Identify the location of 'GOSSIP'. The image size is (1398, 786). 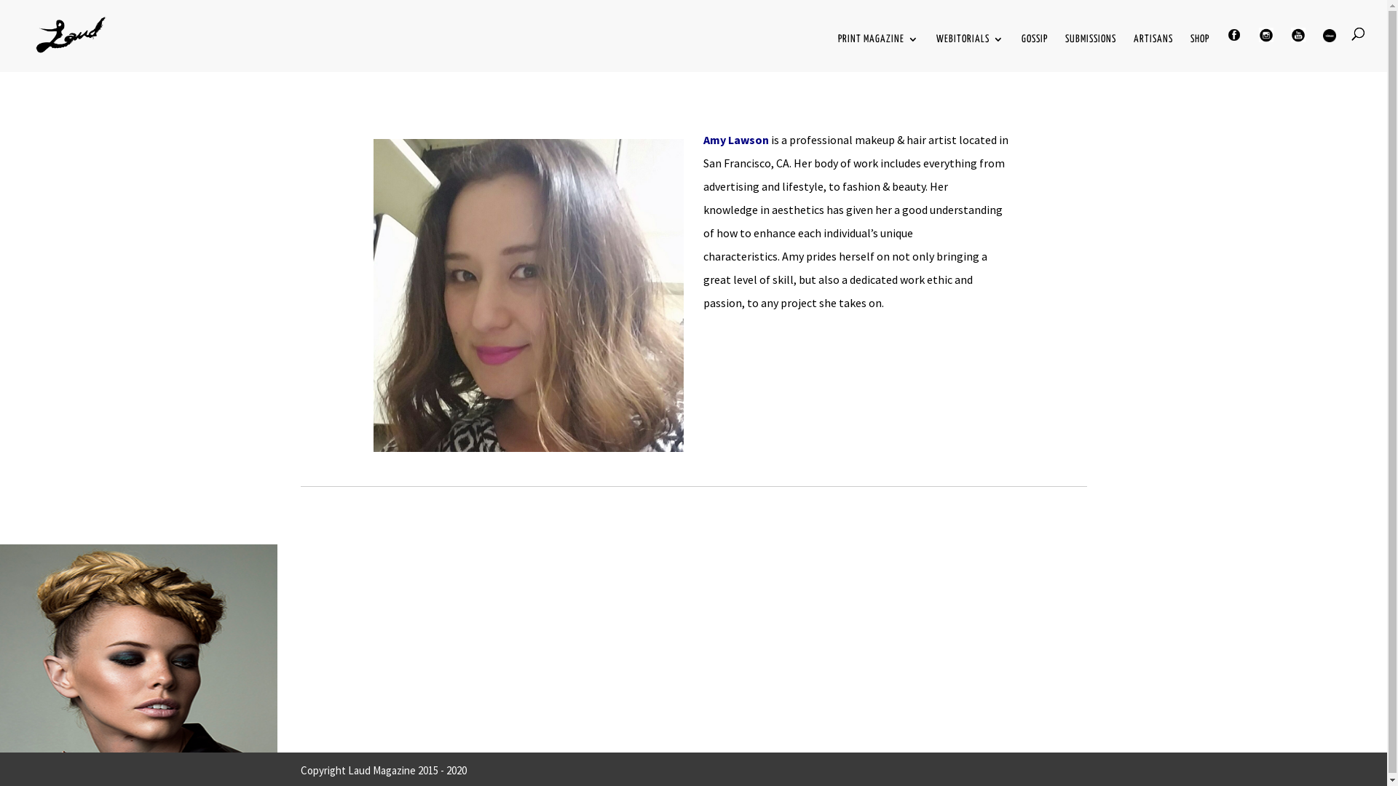
(1033, 52).